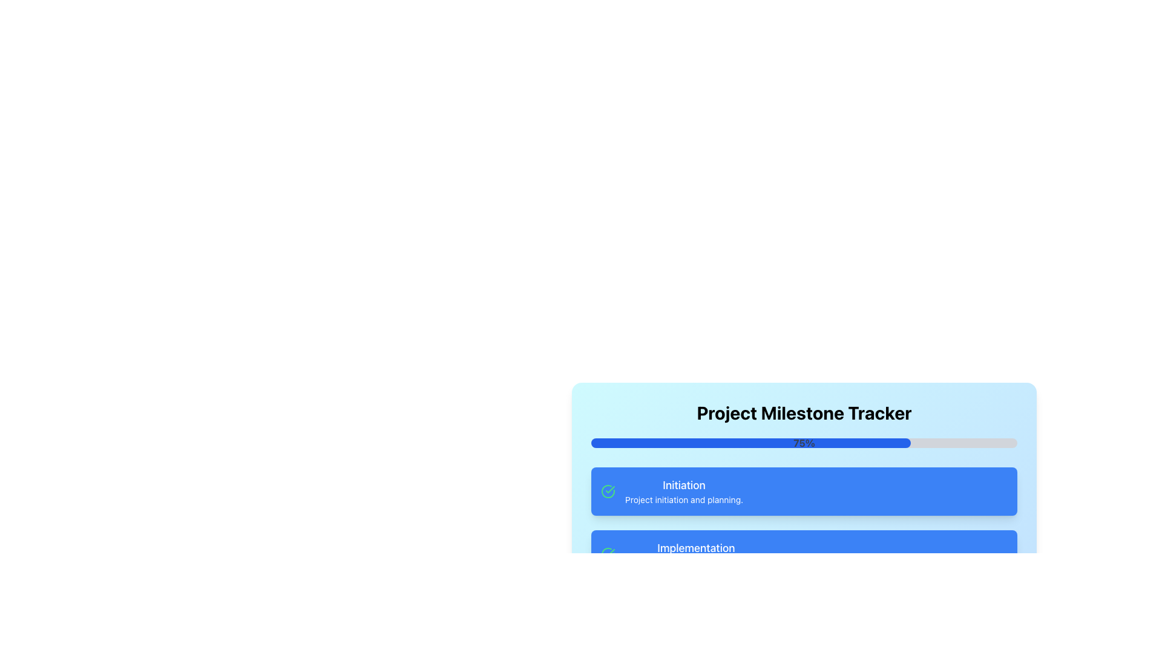  I want to click on progress represented by the horizontal progress bar showing '75%' centered on it, located under the title 'Project Milestone Tracker', so click(804, 443).